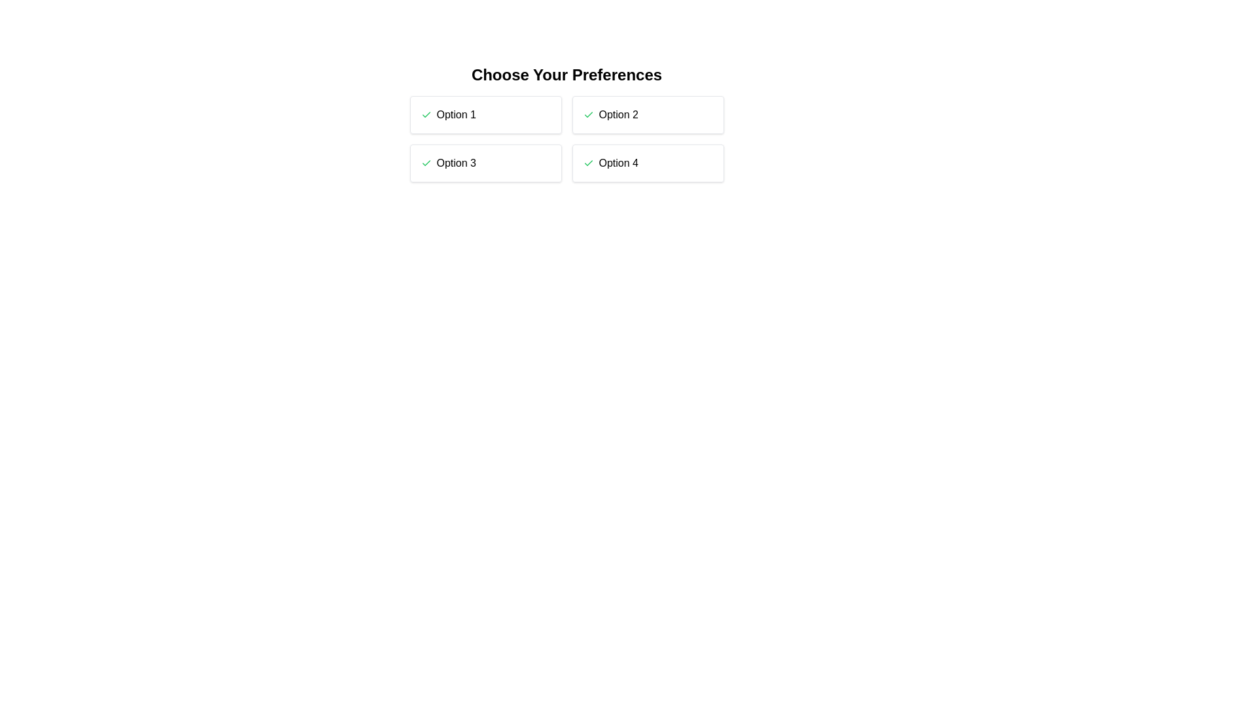 The width and height of the screenshot is (1256, 706). I want to click on the option 2 to observe the hover effect, so click(648, 114).